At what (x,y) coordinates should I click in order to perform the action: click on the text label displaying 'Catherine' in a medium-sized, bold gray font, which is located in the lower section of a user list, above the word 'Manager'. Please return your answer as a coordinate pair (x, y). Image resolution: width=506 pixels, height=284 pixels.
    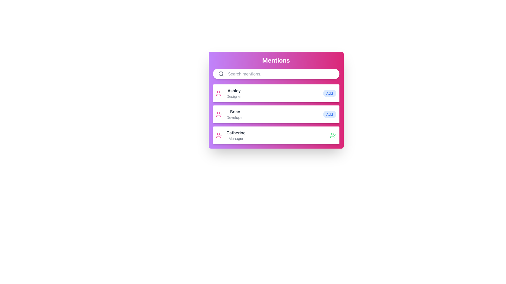
    Looking at the image, I should click on (236, 133).